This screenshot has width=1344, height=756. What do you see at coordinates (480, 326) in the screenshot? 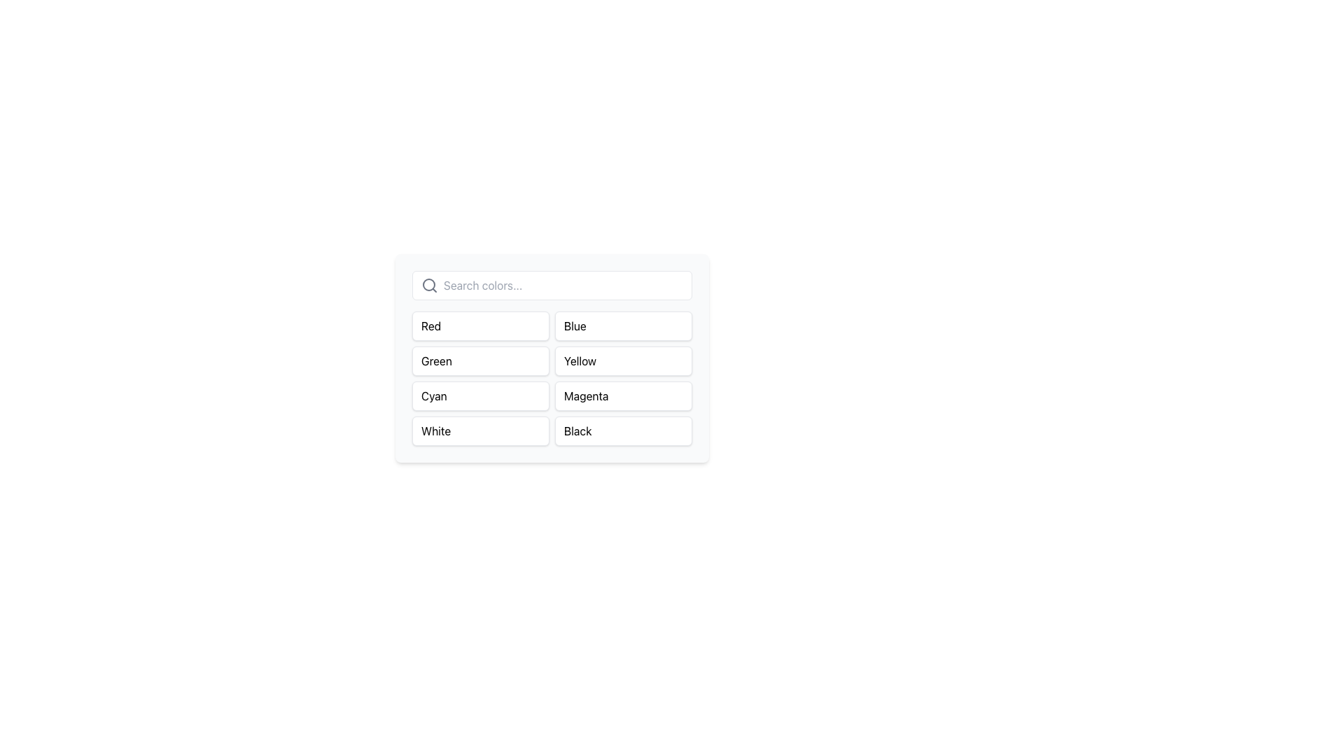
I see `the interactive button representing the color Red, located in the first row and first column of the grid layout` at bounding box center [480, 326].